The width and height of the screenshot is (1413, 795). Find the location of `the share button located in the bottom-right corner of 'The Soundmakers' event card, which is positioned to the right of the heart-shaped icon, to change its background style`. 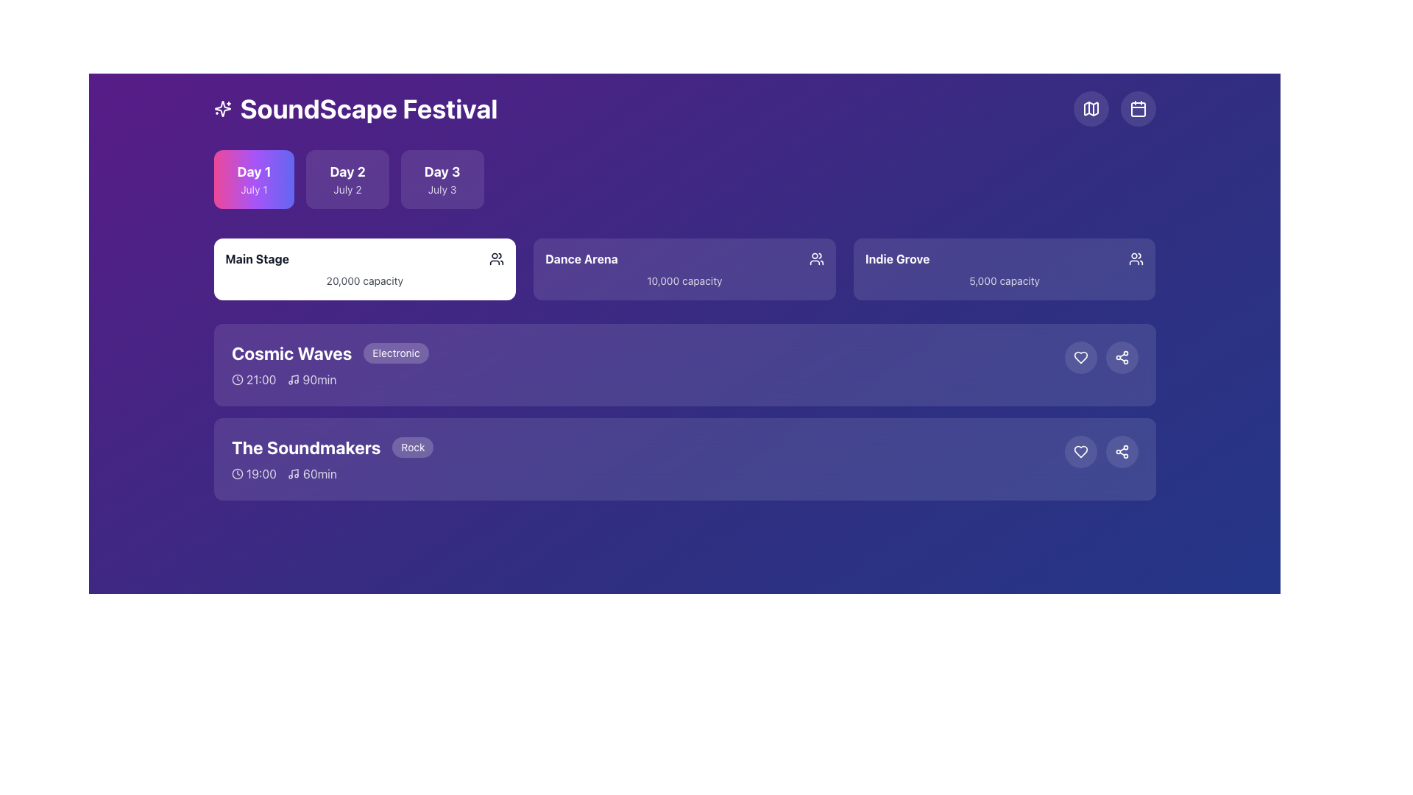

the share button located in the bottom-right corner of 'The Soundmakers' event card, which is positioned to the right of the heart-shaped icon, to change its background style is located at coordinates (1121, 358).